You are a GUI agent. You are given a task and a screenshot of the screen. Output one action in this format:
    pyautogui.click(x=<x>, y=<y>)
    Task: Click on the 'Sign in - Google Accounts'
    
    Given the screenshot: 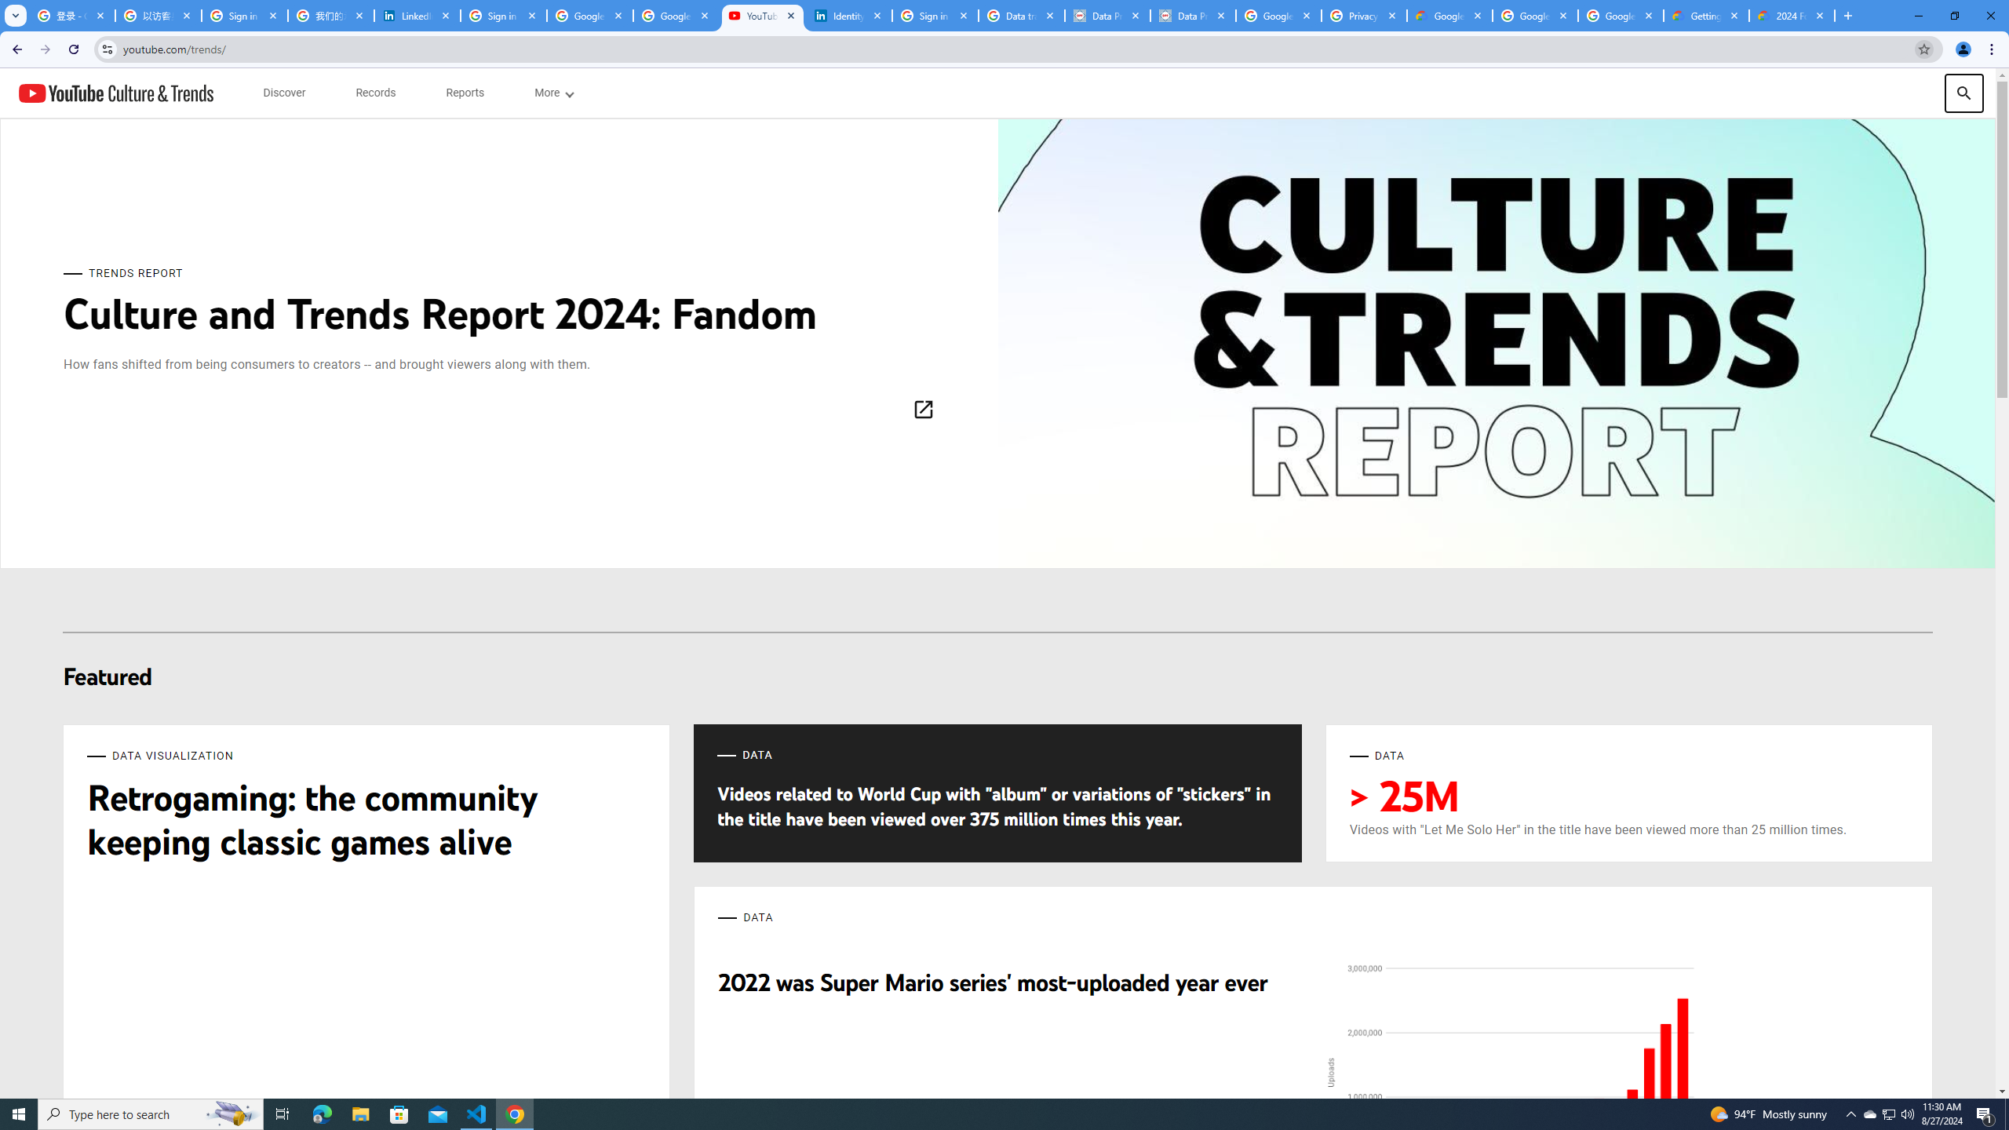 What is the action you would take?
    pyautogui.click(x=935, y=15)
    